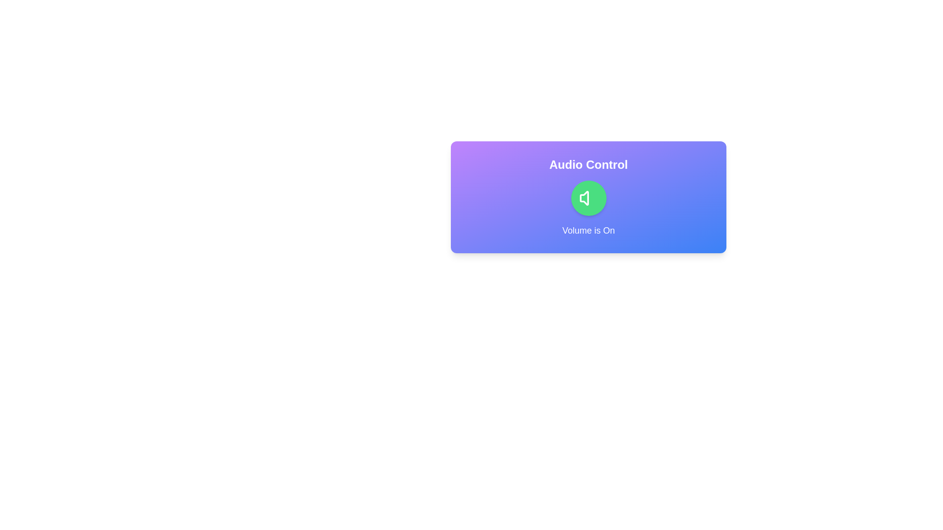 Image resolution: width=943 pixels, height=530 pixels. What do you see at coordinates (588, 198) in the screenshot?
I see `the mute button to toggle the mute state` at bounding box center [588, 198].